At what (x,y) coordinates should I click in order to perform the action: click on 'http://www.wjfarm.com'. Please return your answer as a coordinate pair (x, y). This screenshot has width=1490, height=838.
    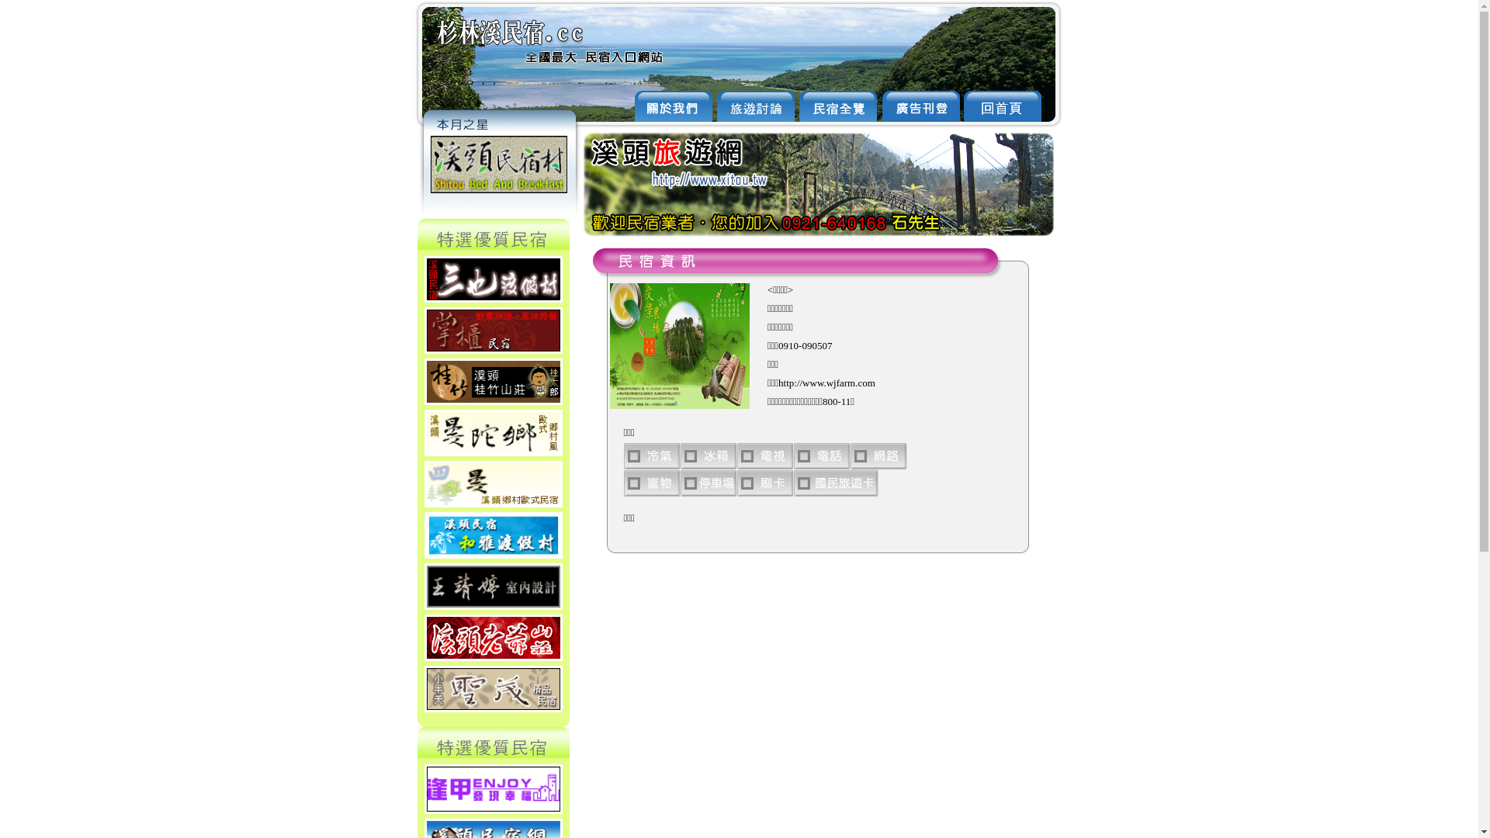
    Looking at the image, I should click on (826, 383).